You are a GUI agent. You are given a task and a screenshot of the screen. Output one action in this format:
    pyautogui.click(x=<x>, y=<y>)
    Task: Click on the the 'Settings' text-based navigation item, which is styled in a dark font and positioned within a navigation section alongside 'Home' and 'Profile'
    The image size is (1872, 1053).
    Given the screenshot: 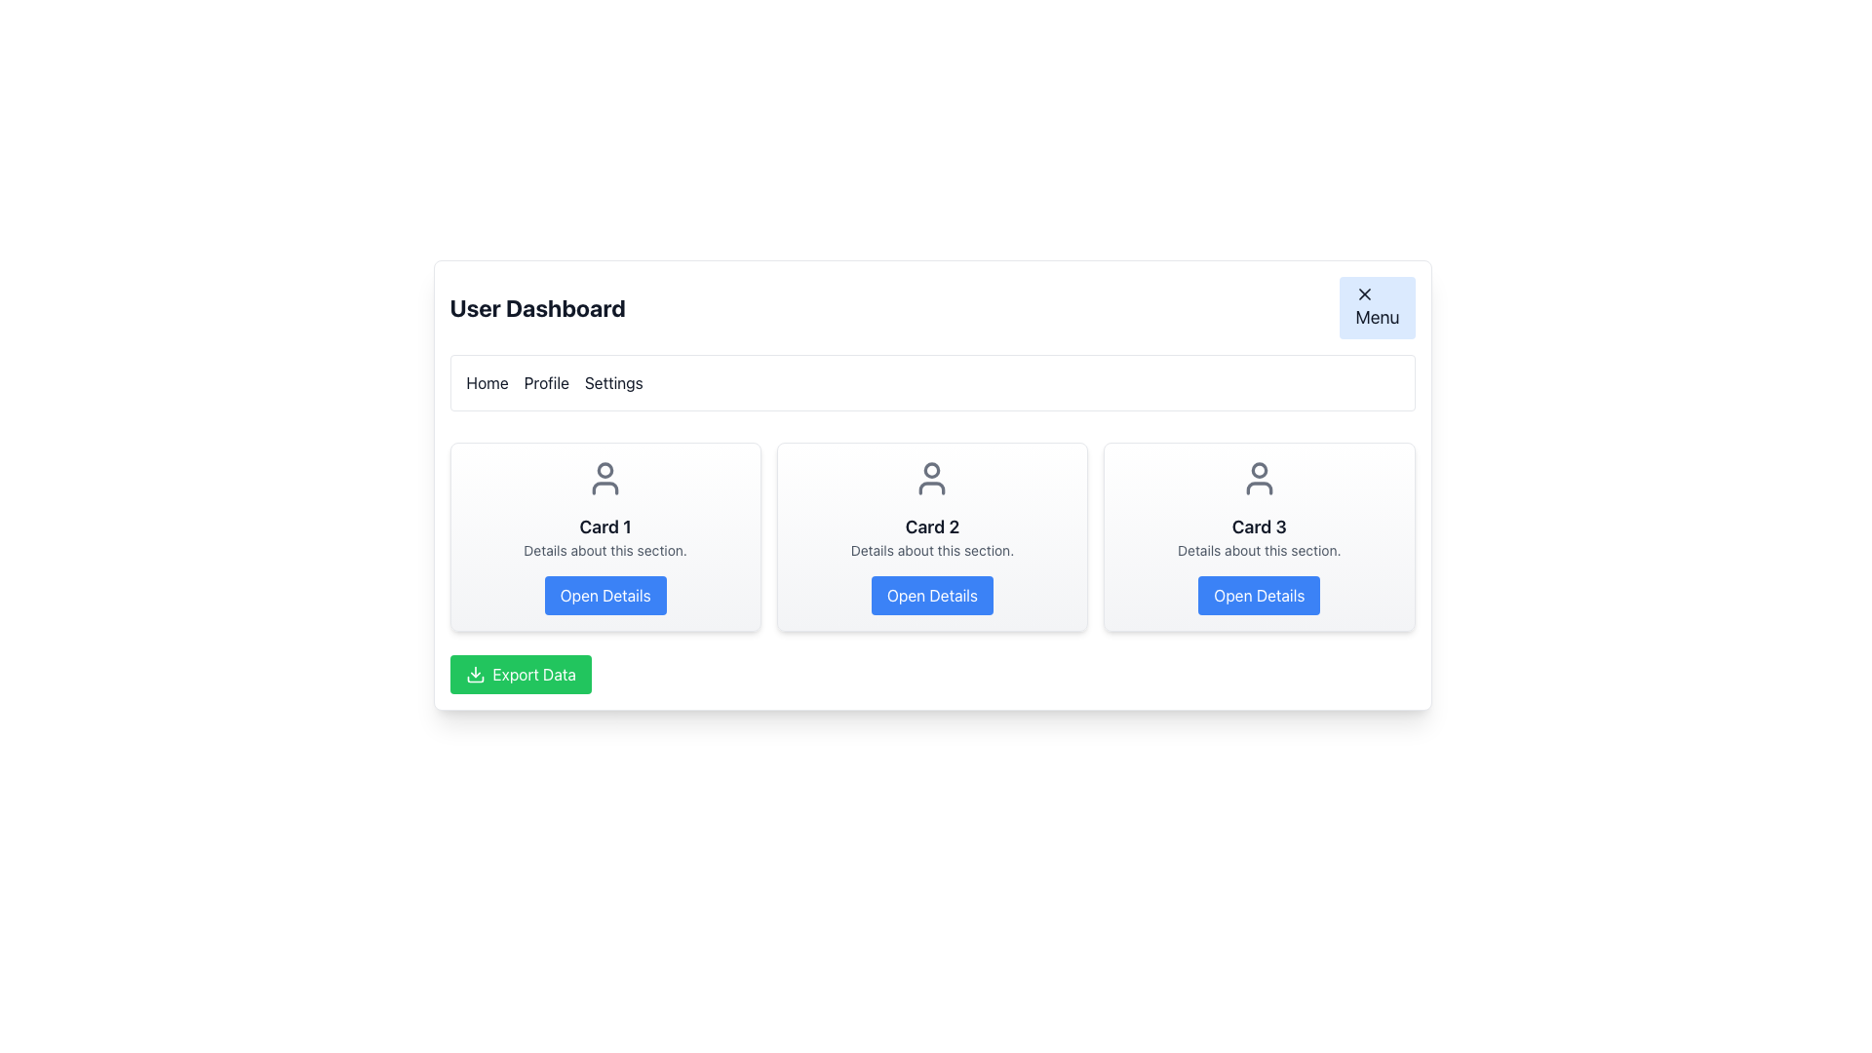 What is the action you would take?
    pyautogui.click(x=612, y=383)
    